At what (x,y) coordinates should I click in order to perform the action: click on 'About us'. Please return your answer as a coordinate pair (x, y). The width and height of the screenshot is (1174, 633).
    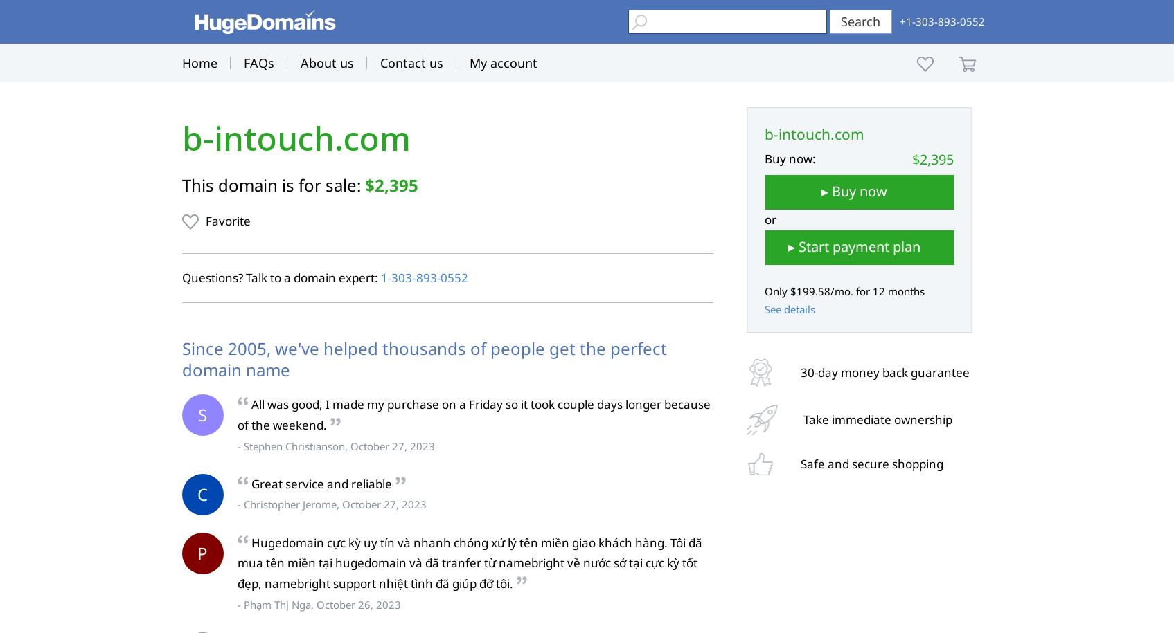
    Looking at the image, I should click on (300, 62).